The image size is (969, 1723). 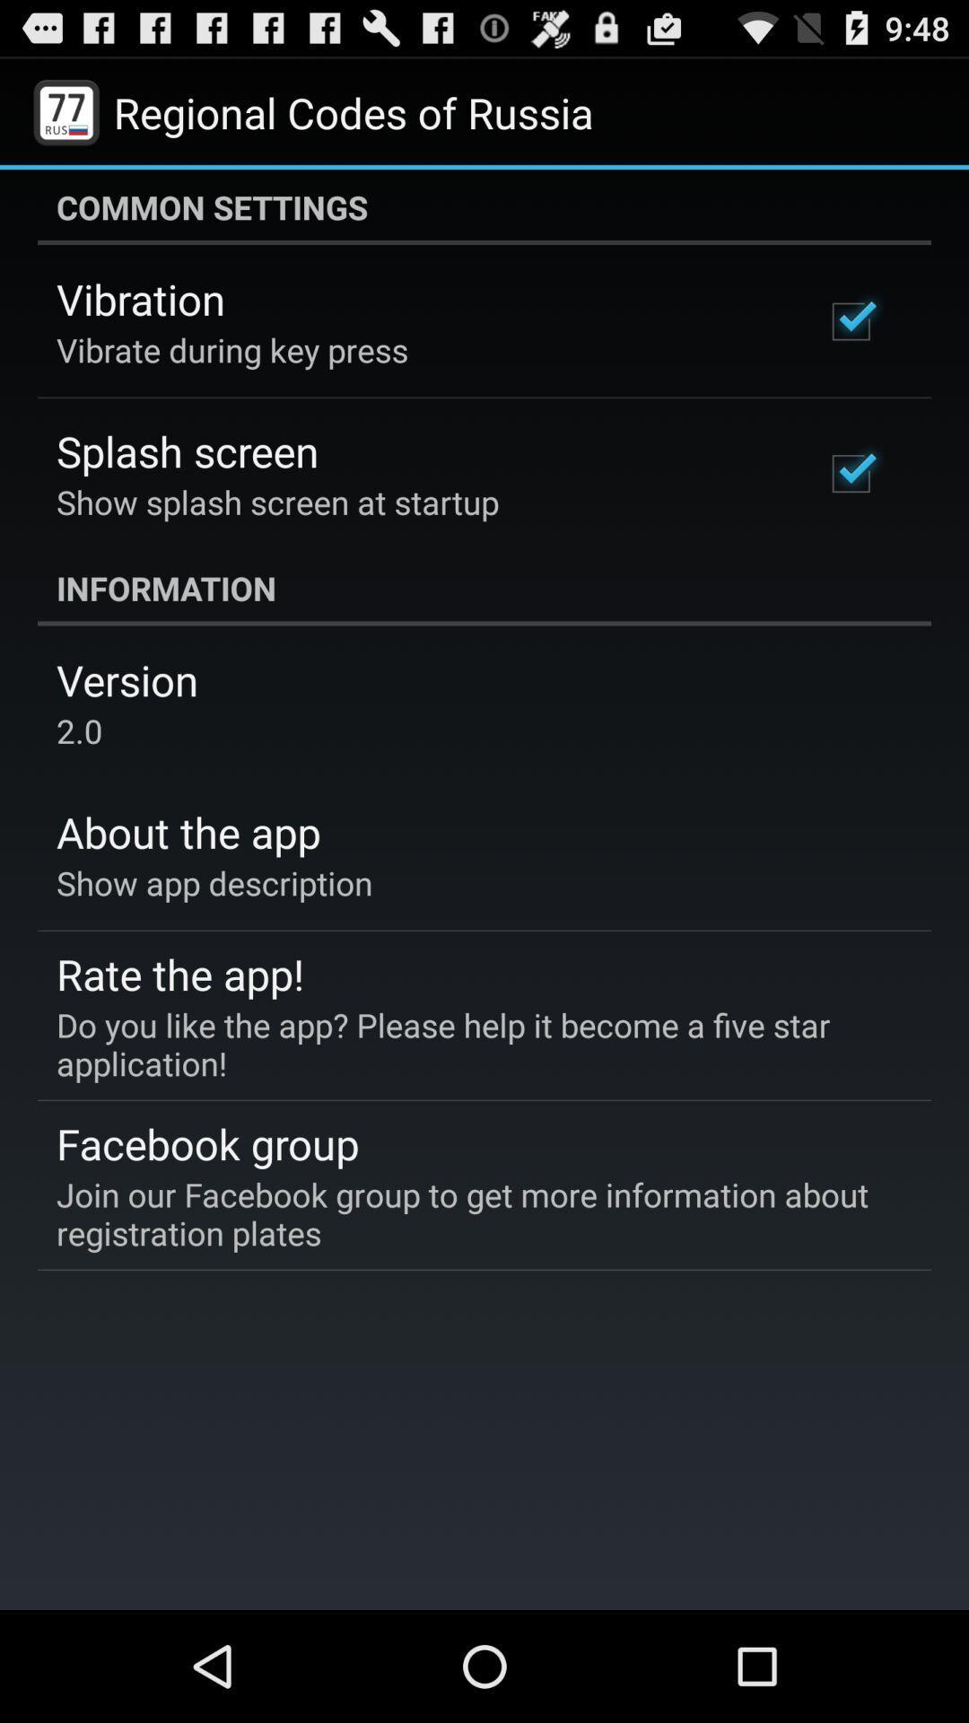 I want to click on icon above vibration icon, so click(x=484, y=206).